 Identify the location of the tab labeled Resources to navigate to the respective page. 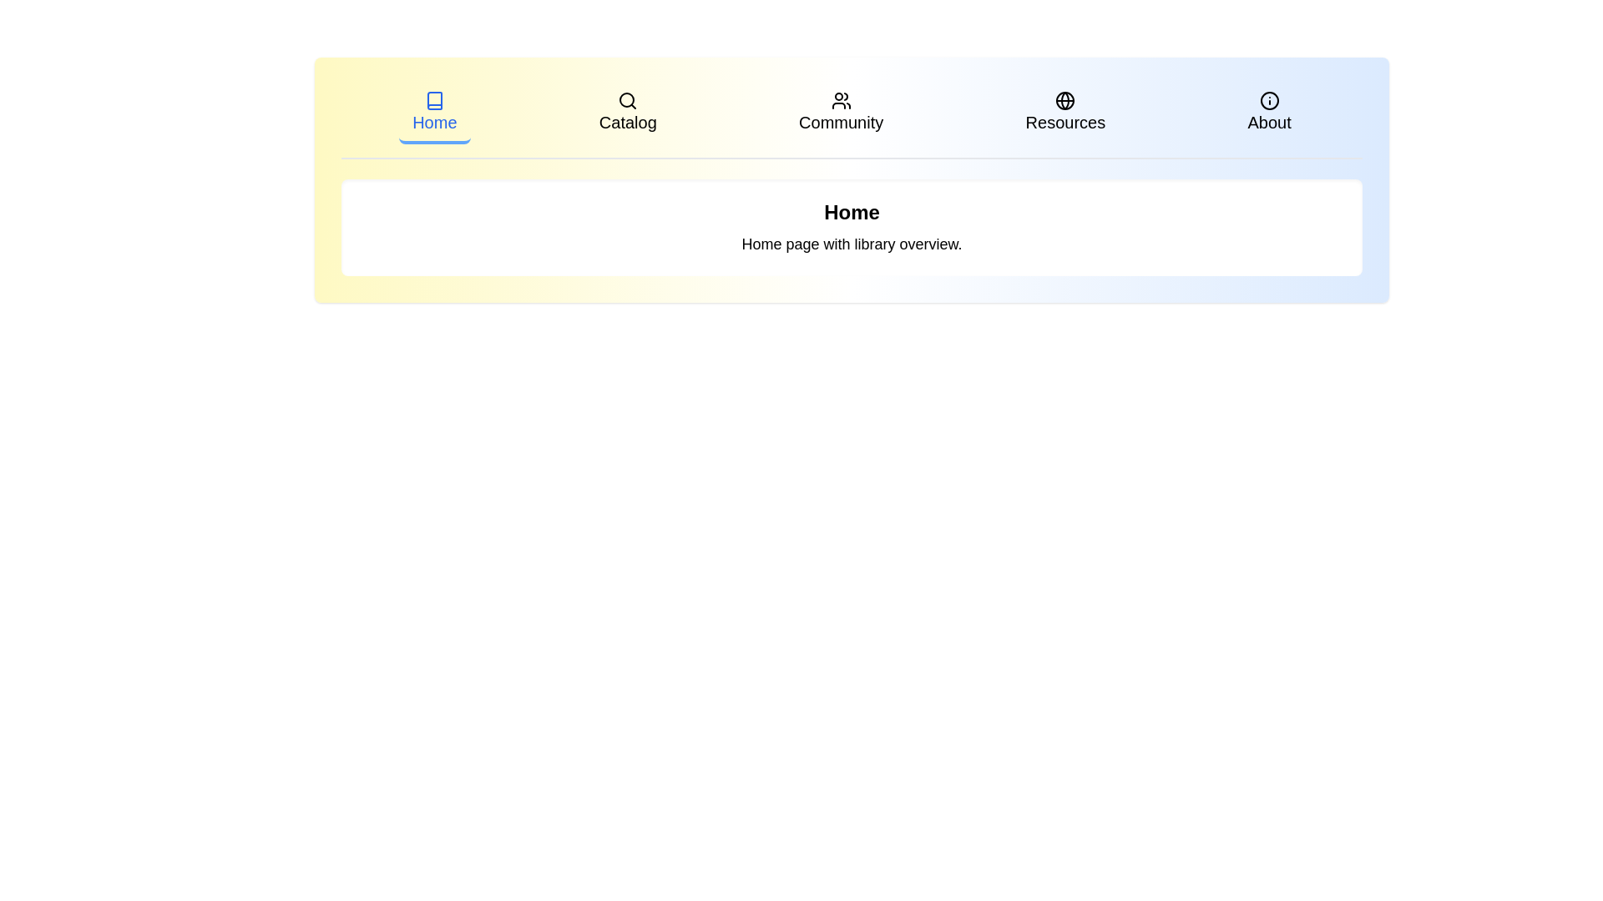
(1064, 113).